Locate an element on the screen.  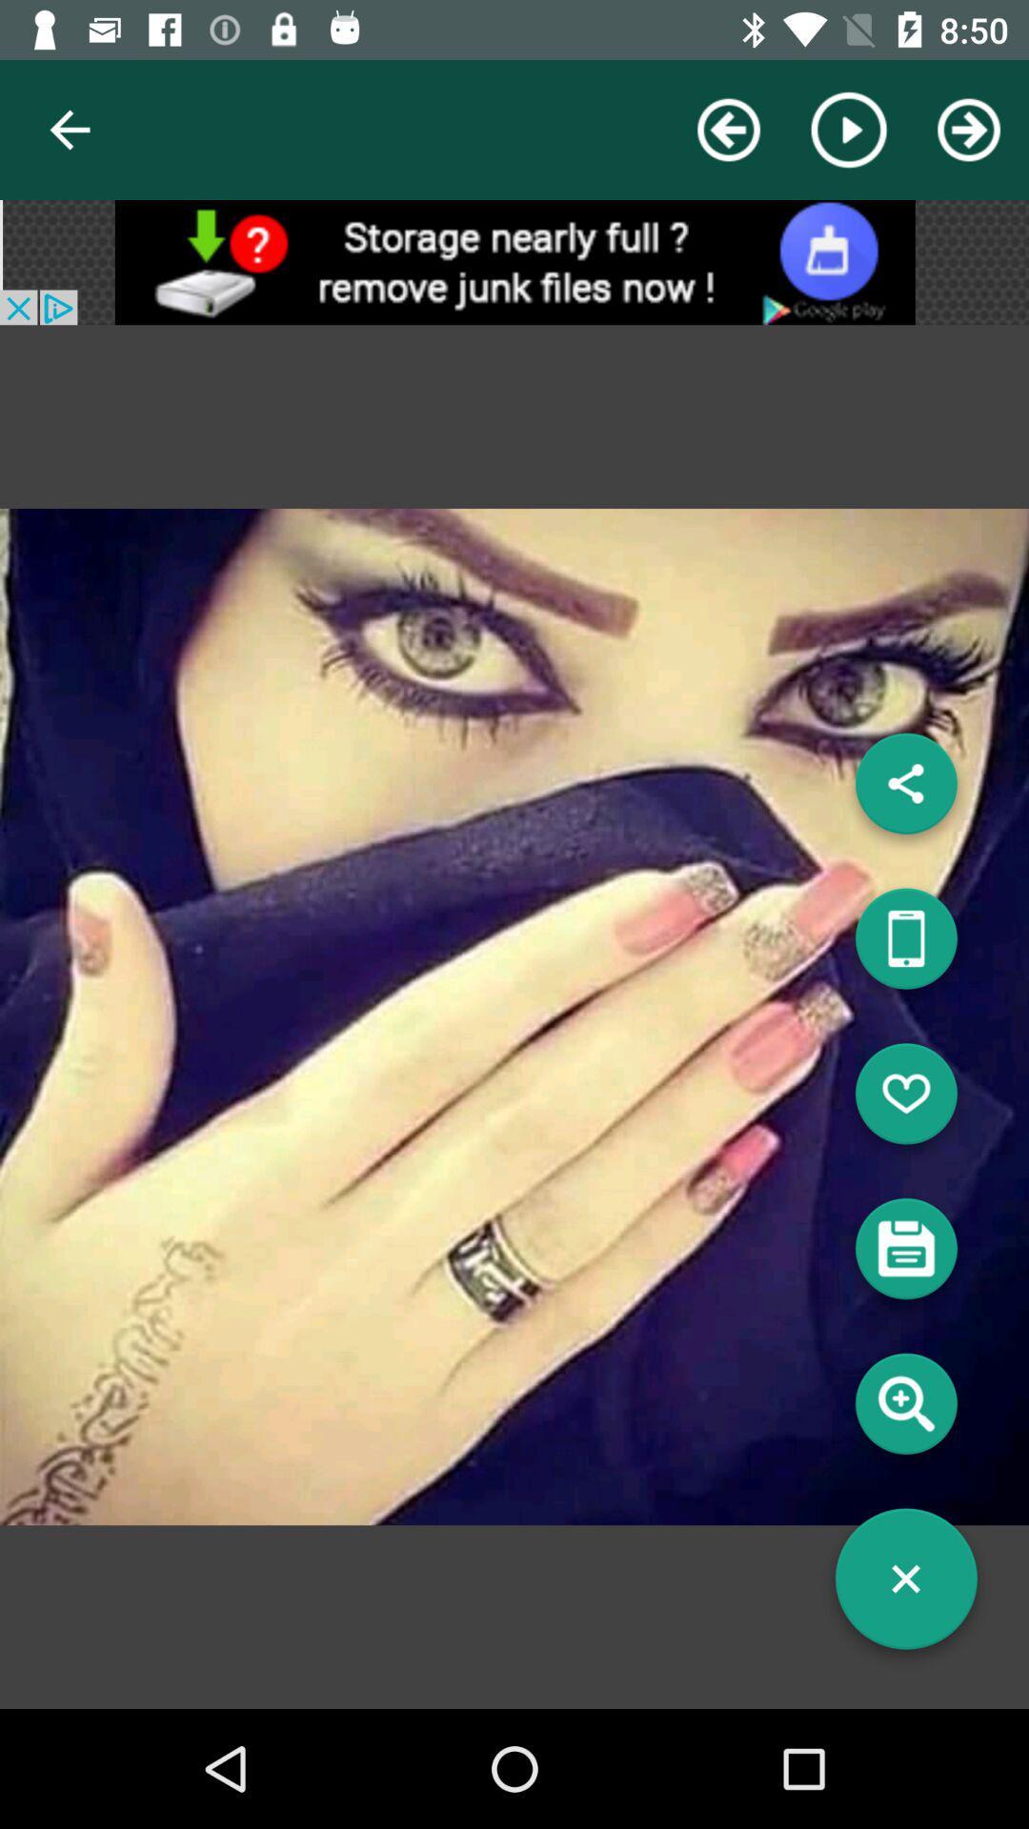
advertisement is located at coordinates (514, 261).